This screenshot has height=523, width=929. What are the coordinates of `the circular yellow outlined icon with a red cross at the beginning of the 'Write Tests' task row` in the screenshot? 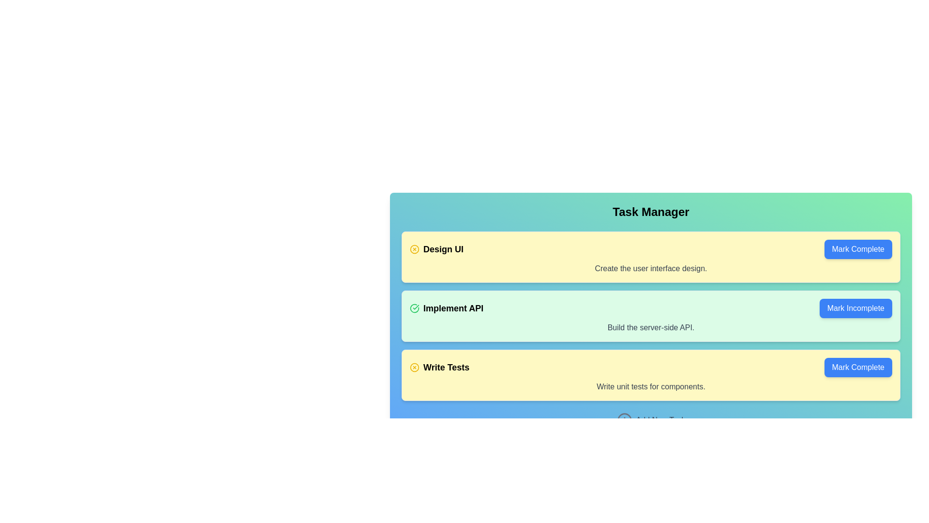 It's located at (415, 368).